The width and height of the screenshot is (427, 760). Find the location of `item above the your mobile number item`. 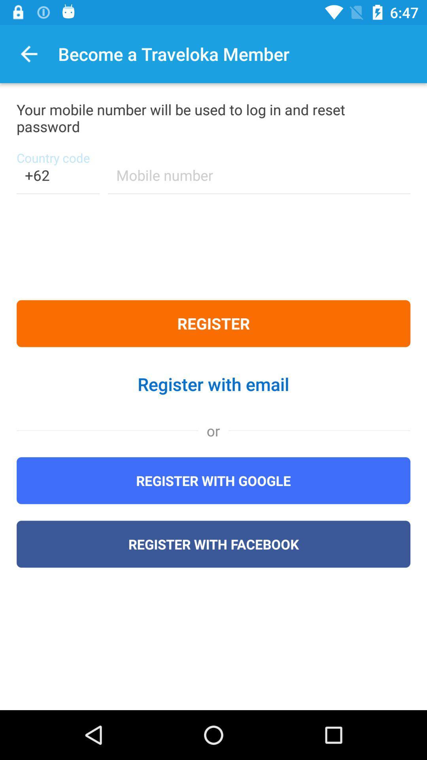

item above the your mobile number item is located at coordinates (28, 53).